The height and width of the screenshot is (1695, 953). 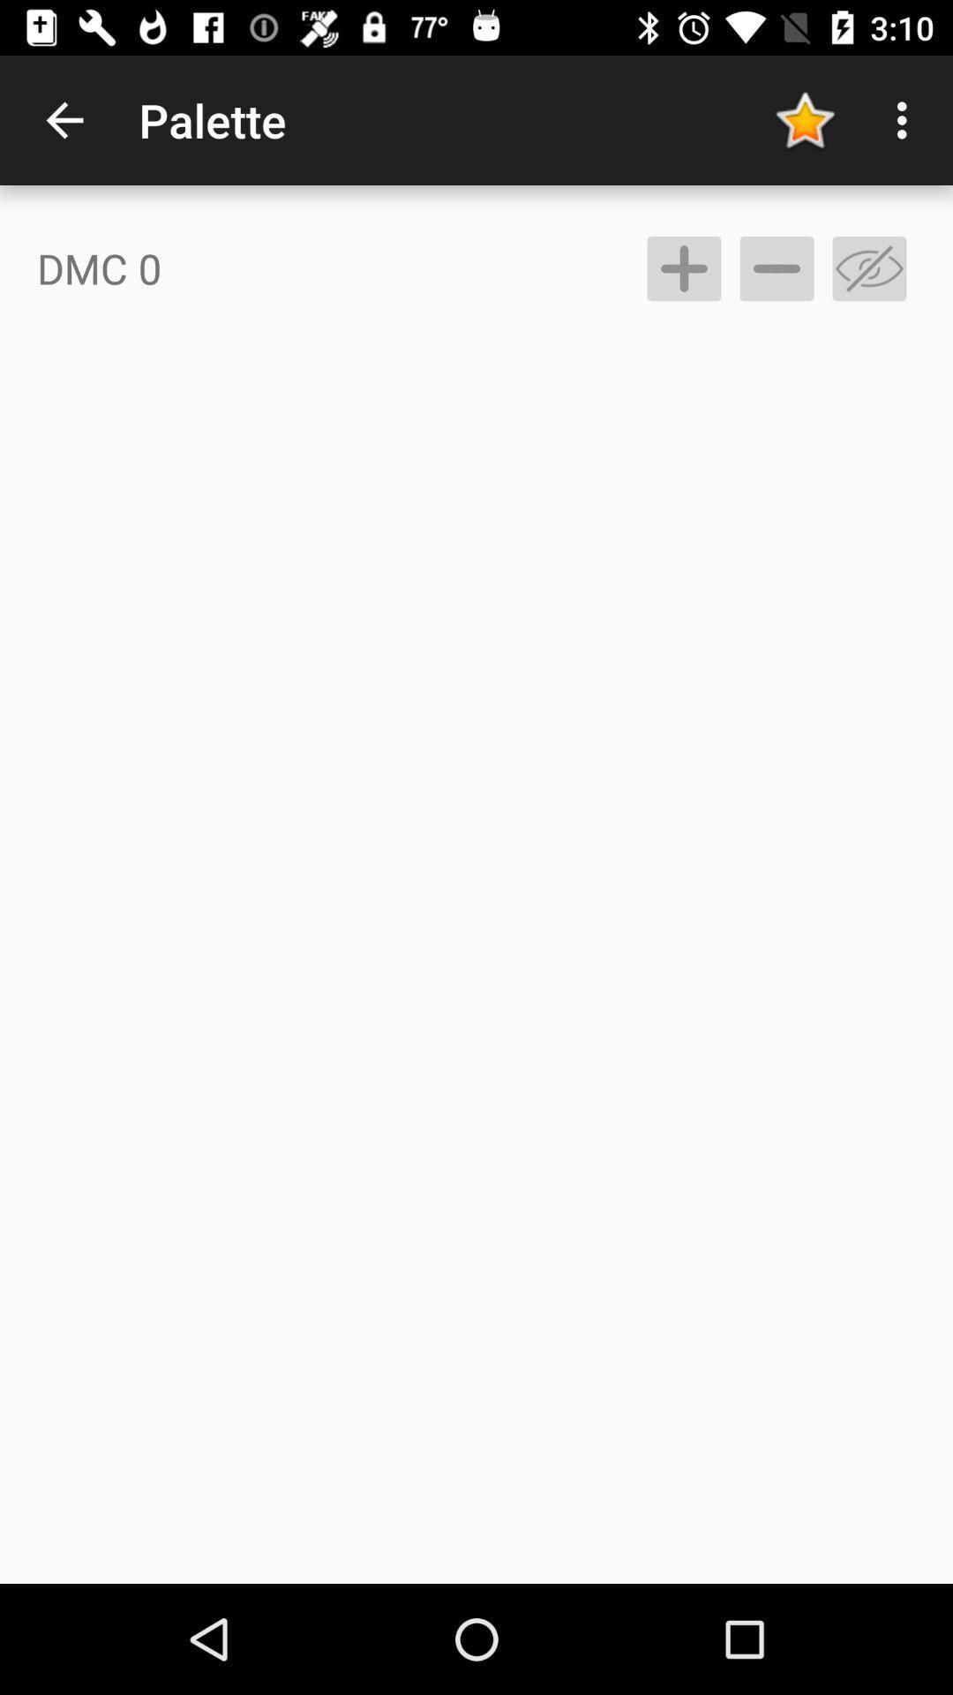 What do you see at coordinates (64, 119) in the screenshot?
I see `icon next to the palette item` at bounding box center [64, 119].